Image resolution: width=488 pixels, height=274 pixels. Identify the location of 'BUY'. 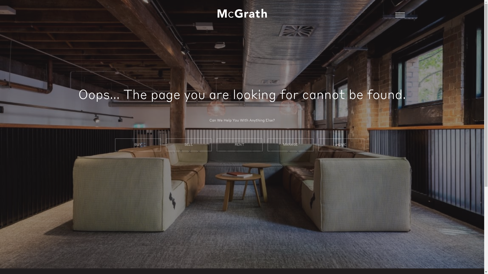
(138, 145).